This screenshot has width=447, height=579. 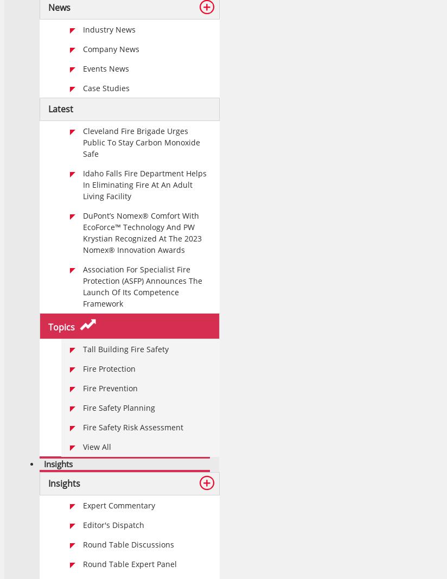 What do you see at coordinates (110, 387) in the screenshot?
I see `'Fire Prevention'` at bounding box center [110, 387].